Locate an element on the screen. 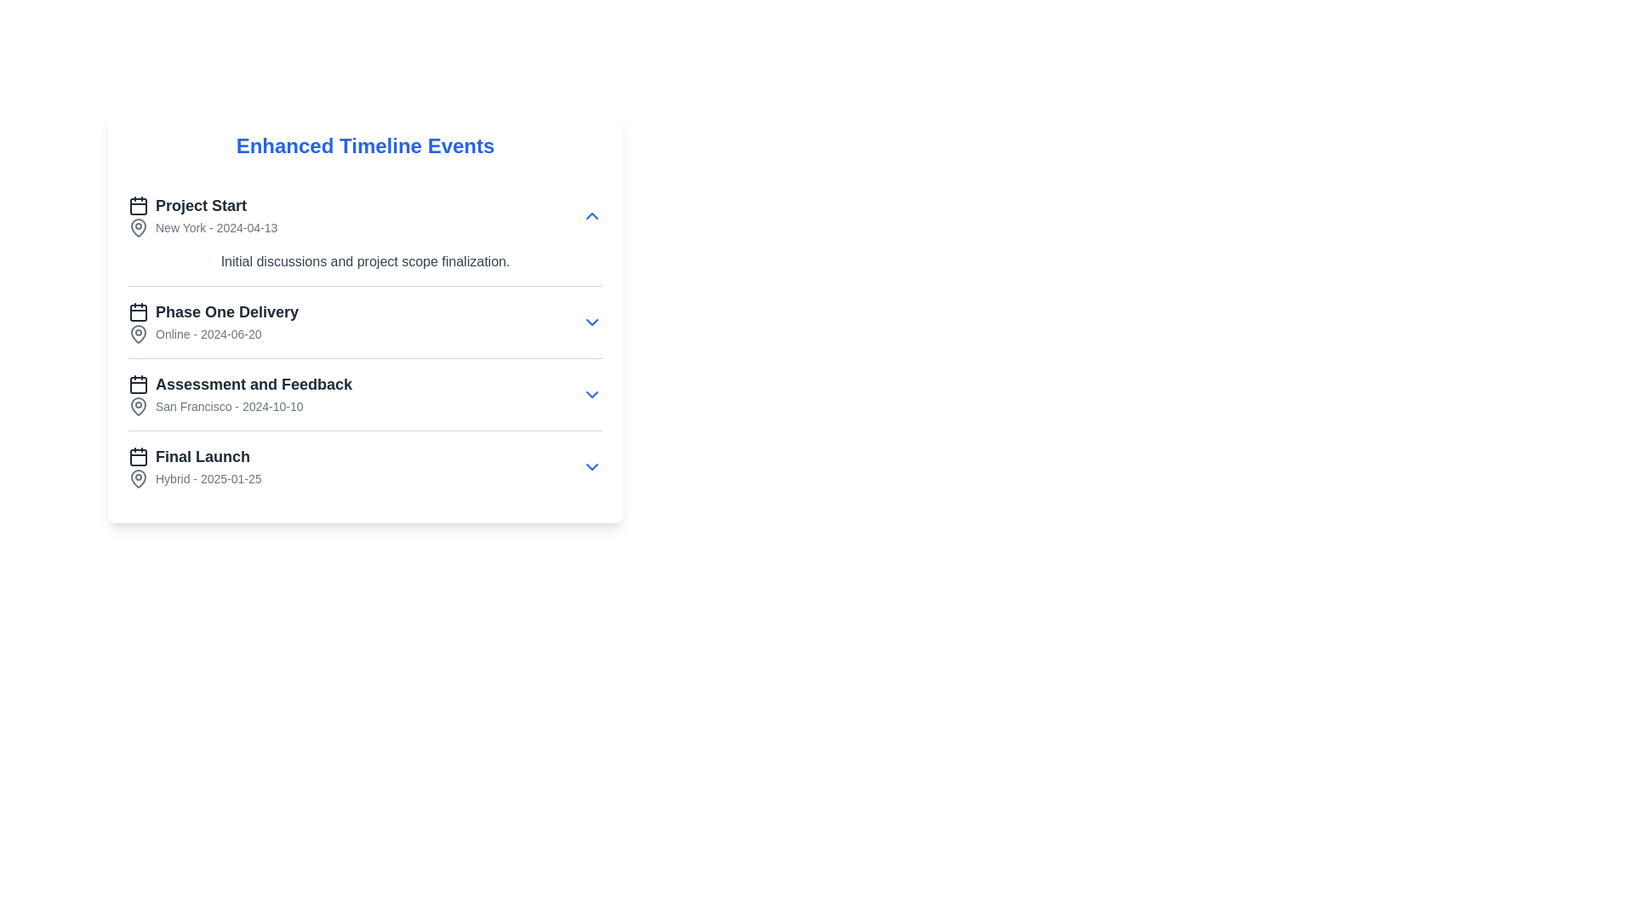 Image resolution: width=1634 pixels, height=919 pixels. the third item in the vertical timeline list, which displays 'Assessment and Feedback' in bold followed by 'San Francisco - 2024-10-10.' is located at coordinates (239, 394).